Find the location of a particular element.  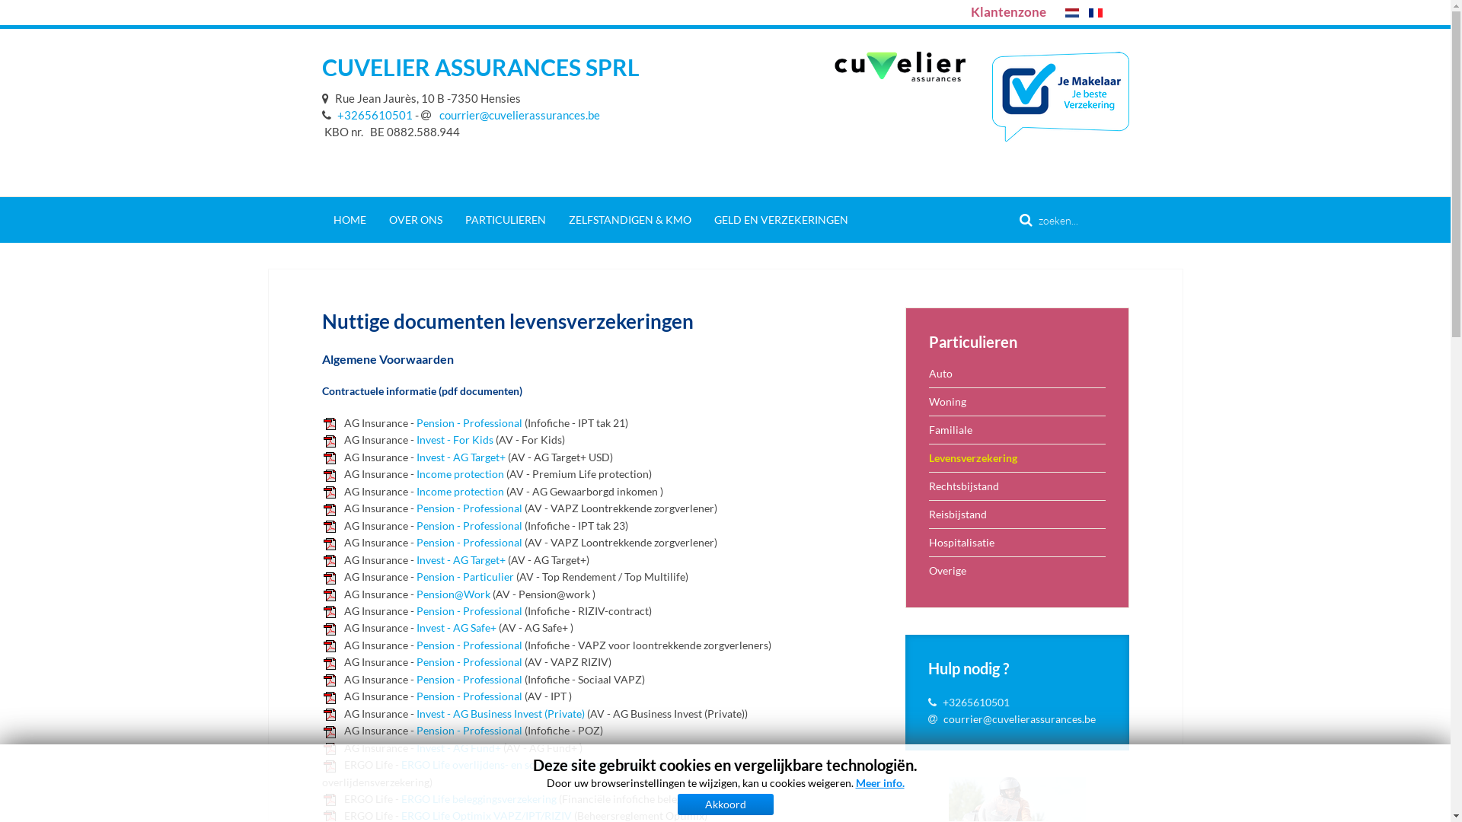

'CUVELIER ASSURANCES SPRL' is located at coordinates (321, 66).